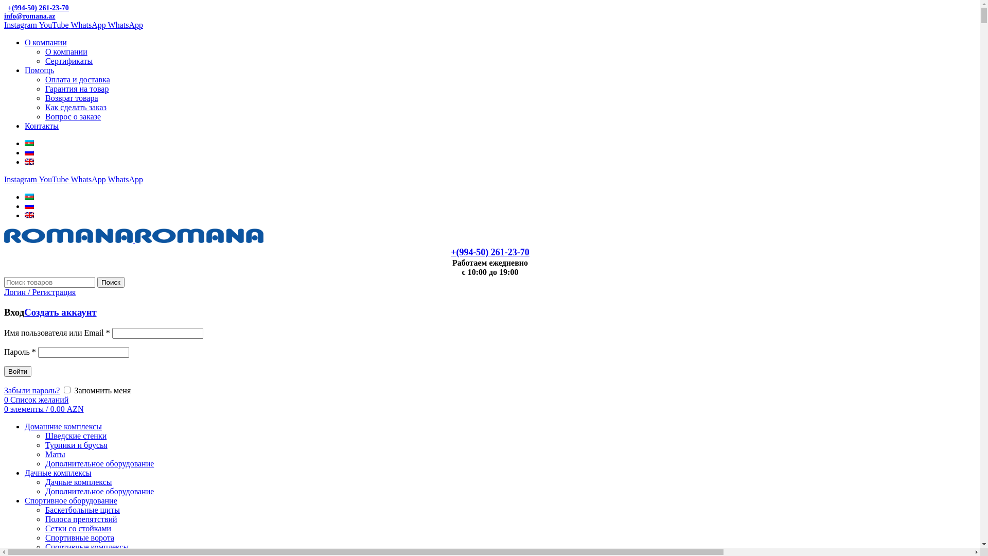 The image size is (988, 556). Describe the element at coordinates (125, 24) in the screenshot. I see `'WhatsApp'` at that location.